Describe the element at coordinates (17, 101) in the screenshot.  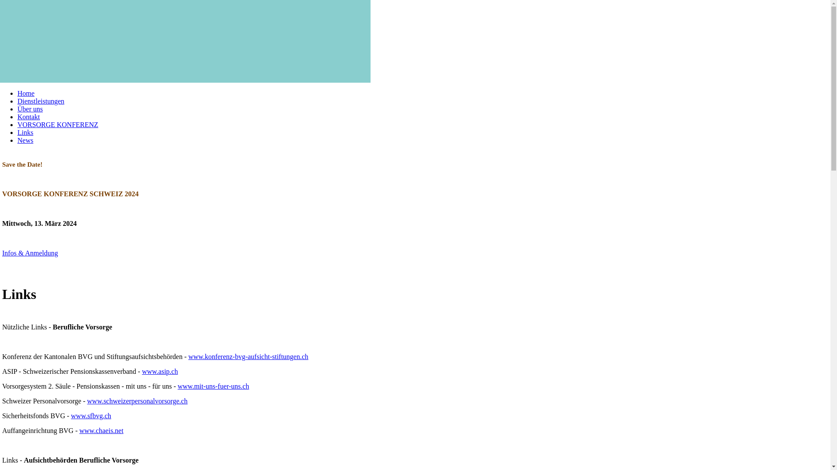
I see `'Dienstleistungen'` at that location.